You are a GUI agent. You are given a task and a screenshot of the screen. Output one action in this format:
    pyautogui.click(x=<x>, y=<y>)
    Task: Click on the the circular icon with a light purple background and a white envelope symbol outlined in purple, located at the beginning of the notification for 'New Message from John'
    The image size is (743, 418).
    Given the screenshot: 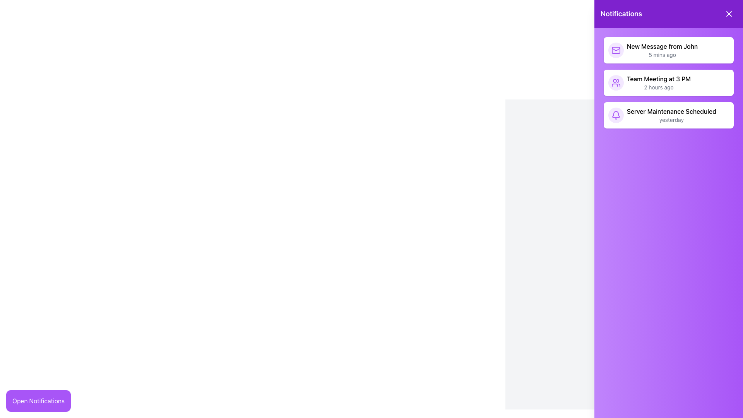 What is the action you would take?
    pyautogui.click(x=616, y=50)
    